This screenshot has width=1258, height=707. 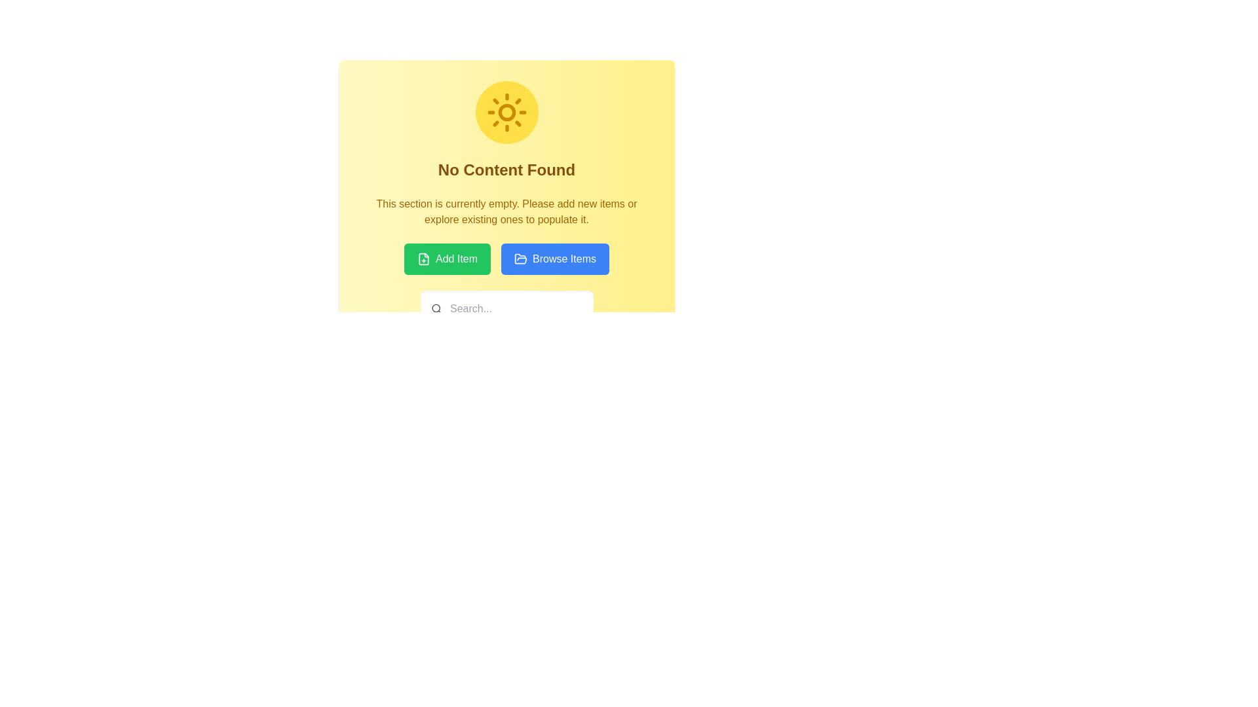 I want to click on the 'Browse Items' button, which is a rectangular button with rounded corners, a bright blue background, and white text. It is located under the 'No Content Found' section header, next to the 'Add Item' button, so click(x=555, y=259).